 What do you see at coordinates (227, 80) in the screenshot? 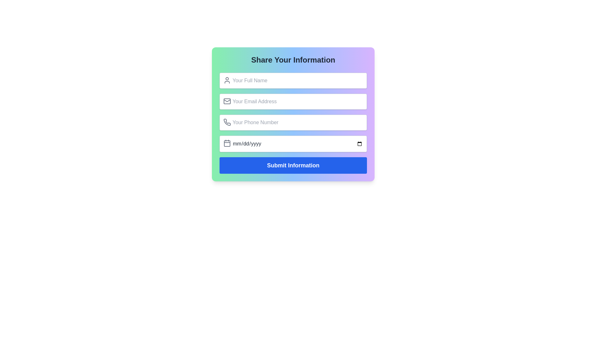
I see `the Decorative Icon located inside the 'Your Full Name' text input field, positioned to the left of the placeholder text` at bounding box center [227, 80].